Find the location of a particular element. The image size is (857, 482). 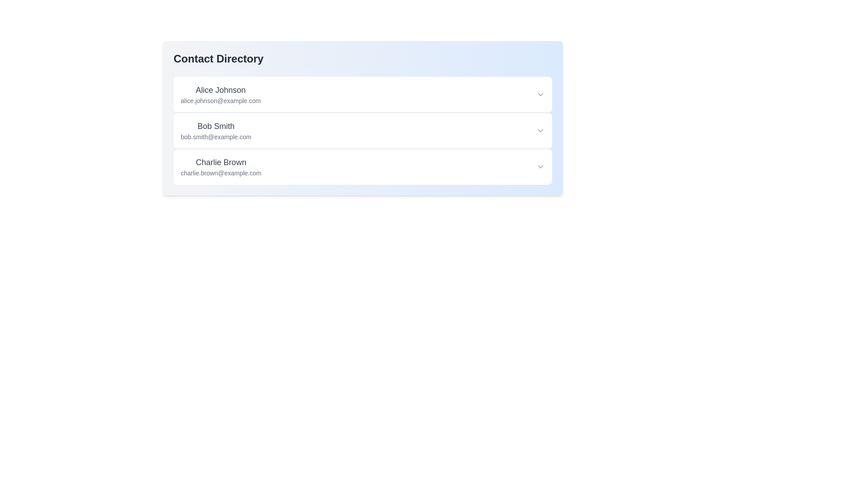

displayed contact information for Charlie Brown from the Text block in the 'Contact Directory' module, which is the third entry below Bob Smith is located at coordinates (221, 167).